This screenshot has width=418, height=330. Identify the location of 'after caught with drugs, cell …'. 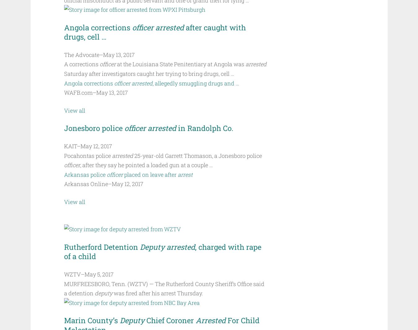
(155, 32).